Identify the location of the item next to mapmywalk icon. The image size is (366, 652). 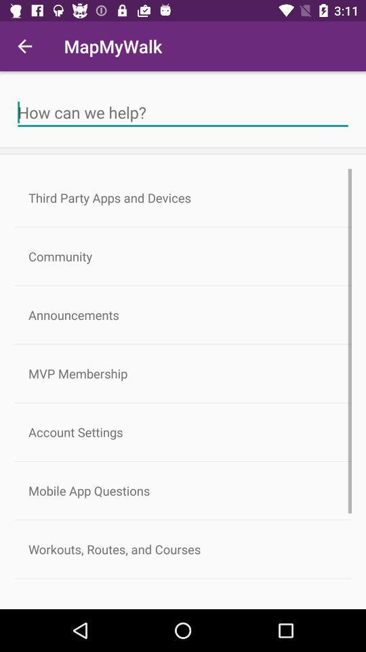
(24, 46).